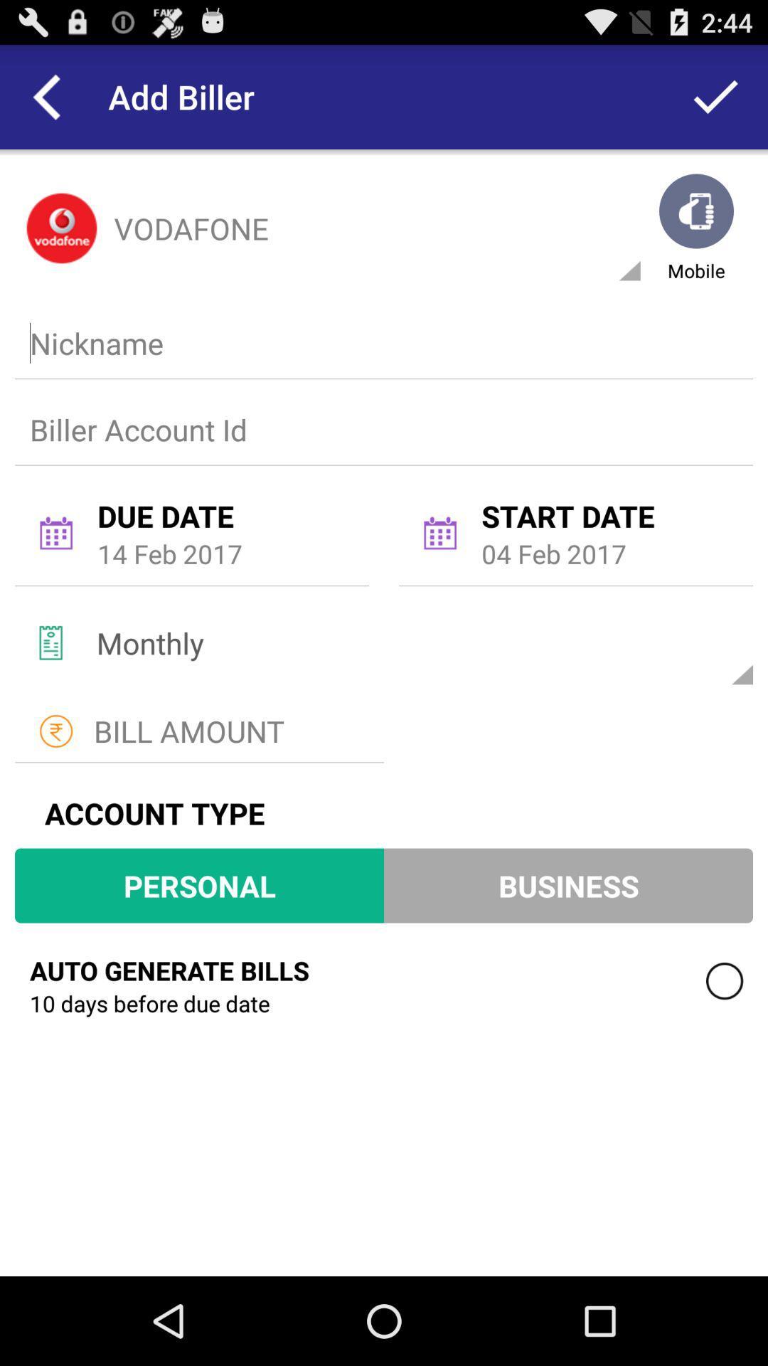  What do you see at coordinates (567, 885) in the screenshot?
I see `the button which is next to the personal` at bounding box center [567, 885].